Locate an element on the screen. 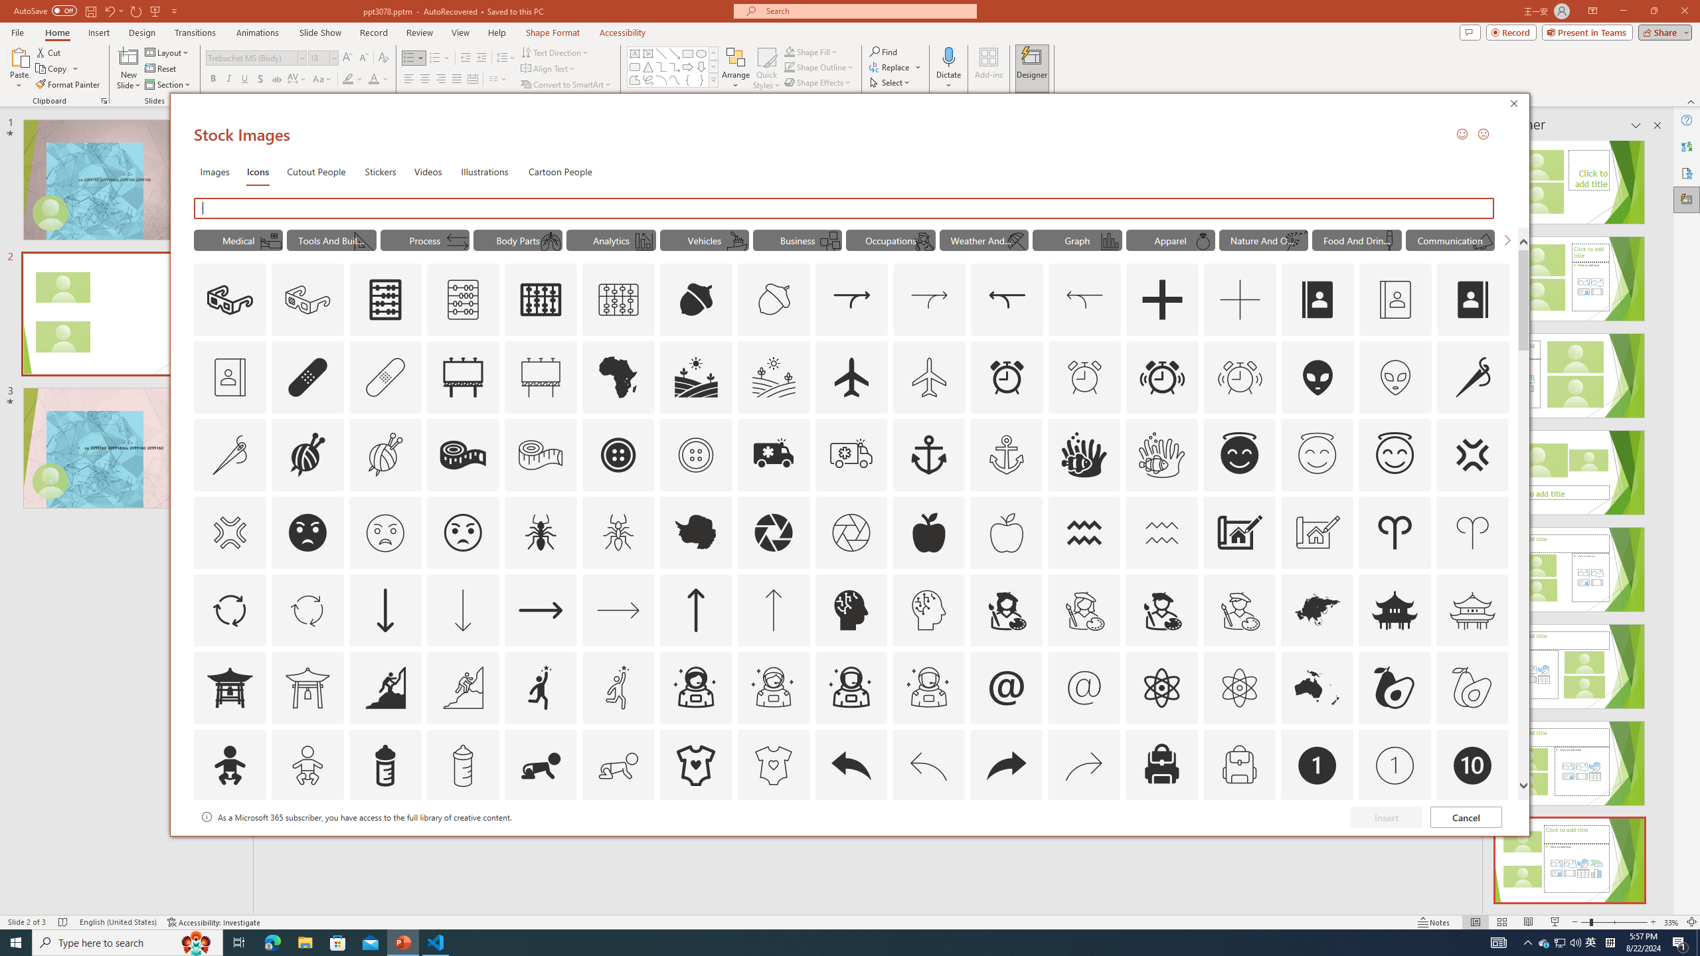  'AutomationID: Icons_3dGlasses' is located at coordinates (230, 299).